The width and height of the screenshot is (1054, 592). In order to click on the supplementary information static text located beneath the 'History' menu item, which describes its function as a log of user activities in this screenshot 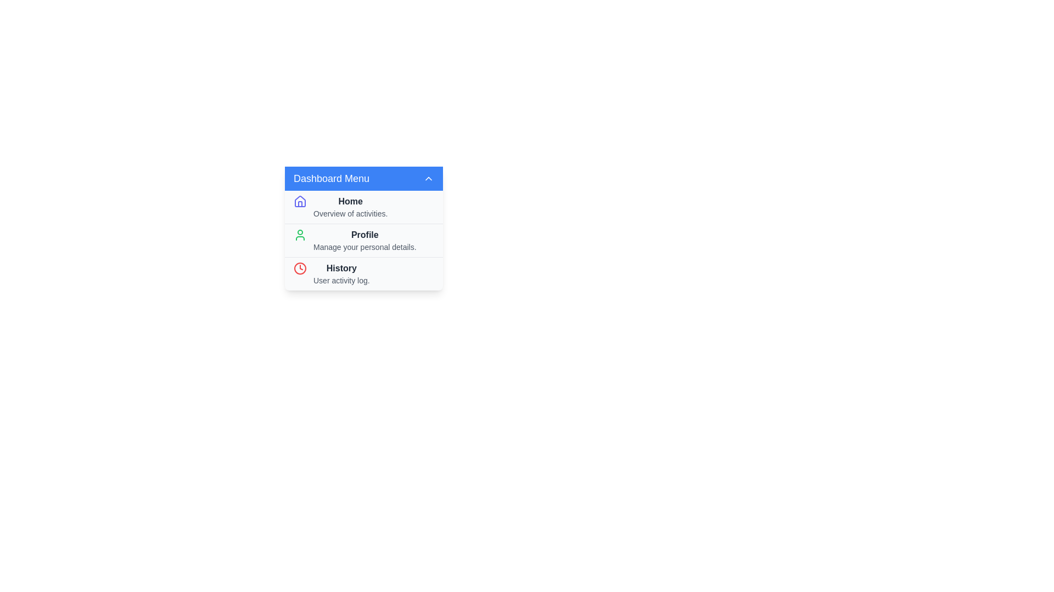, I will do `click(341, 280)`.